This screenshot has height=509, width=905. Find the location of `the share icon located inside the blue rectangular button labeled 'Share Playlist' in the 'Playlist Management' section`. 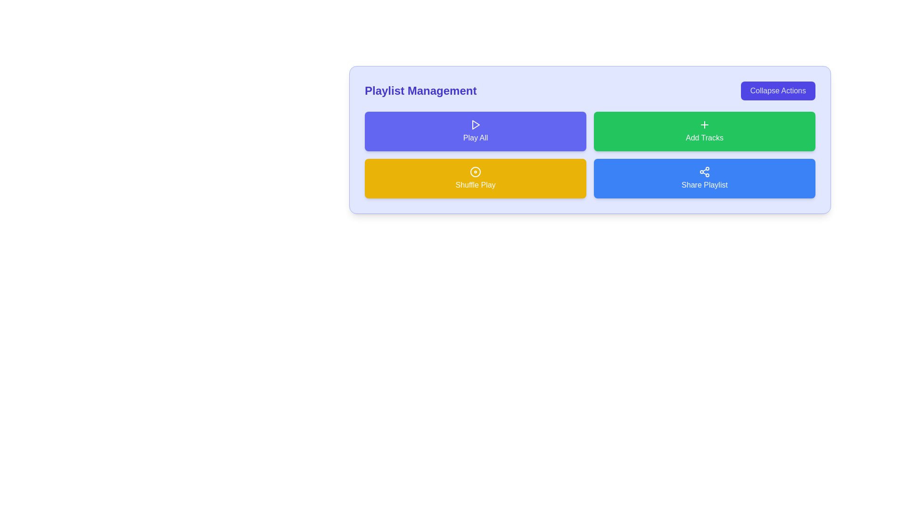

the share icon located inside the blue rectangular button labeled 'Share Playlist' in the 'Playlist Management' section is located at coordinates (704, 172).